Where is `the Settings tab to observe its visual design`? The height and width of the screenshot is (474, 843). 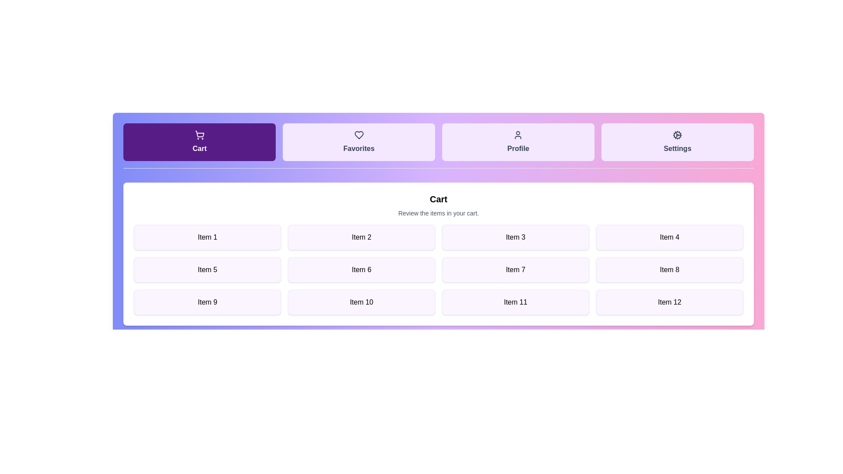
the Settings tab to observe its visual design is located at coordinates (677, 142).